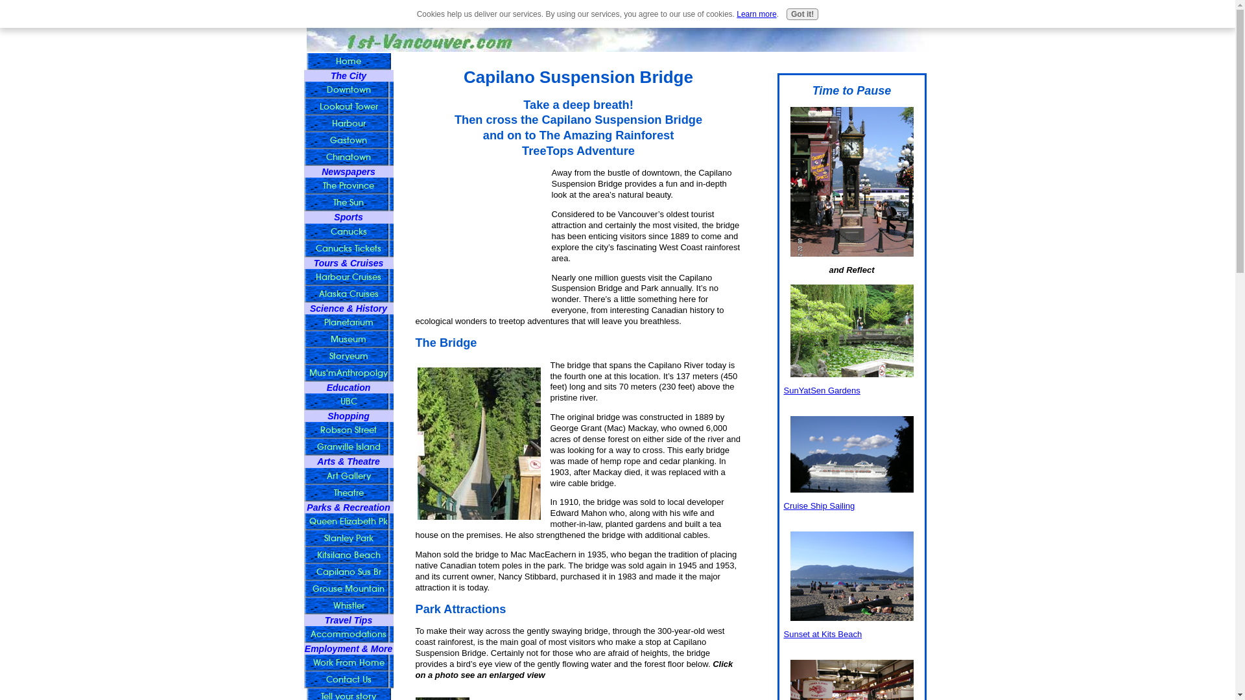  Describe the element at coordinates (348, 321) in the screenshot. I see `'Planetarium'` at that location.